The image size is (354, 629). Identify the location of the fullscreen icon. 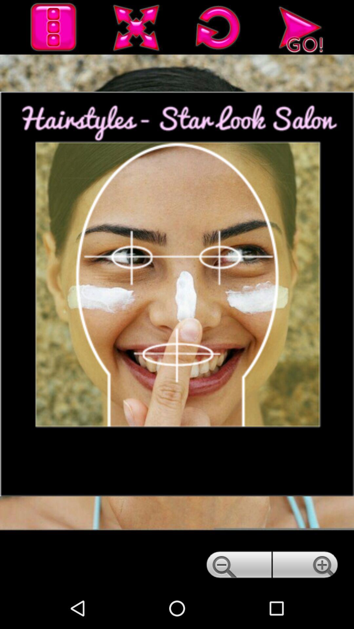
(136, 29).